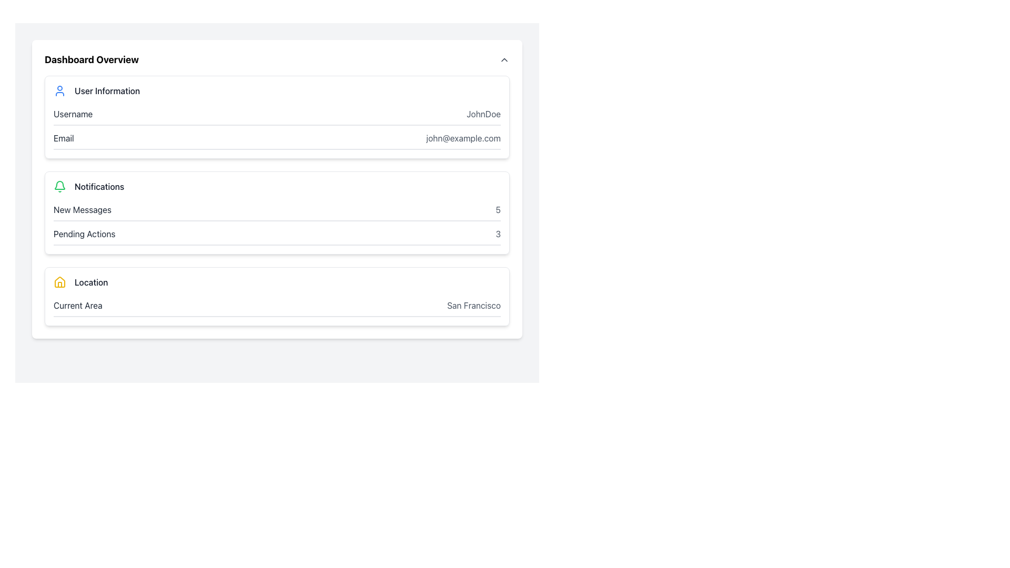  I want to click on the static text element displaying the numeral '5', which is located at the top-right corner of the 'New Messages' section in the notifications block, so click(498, 209).